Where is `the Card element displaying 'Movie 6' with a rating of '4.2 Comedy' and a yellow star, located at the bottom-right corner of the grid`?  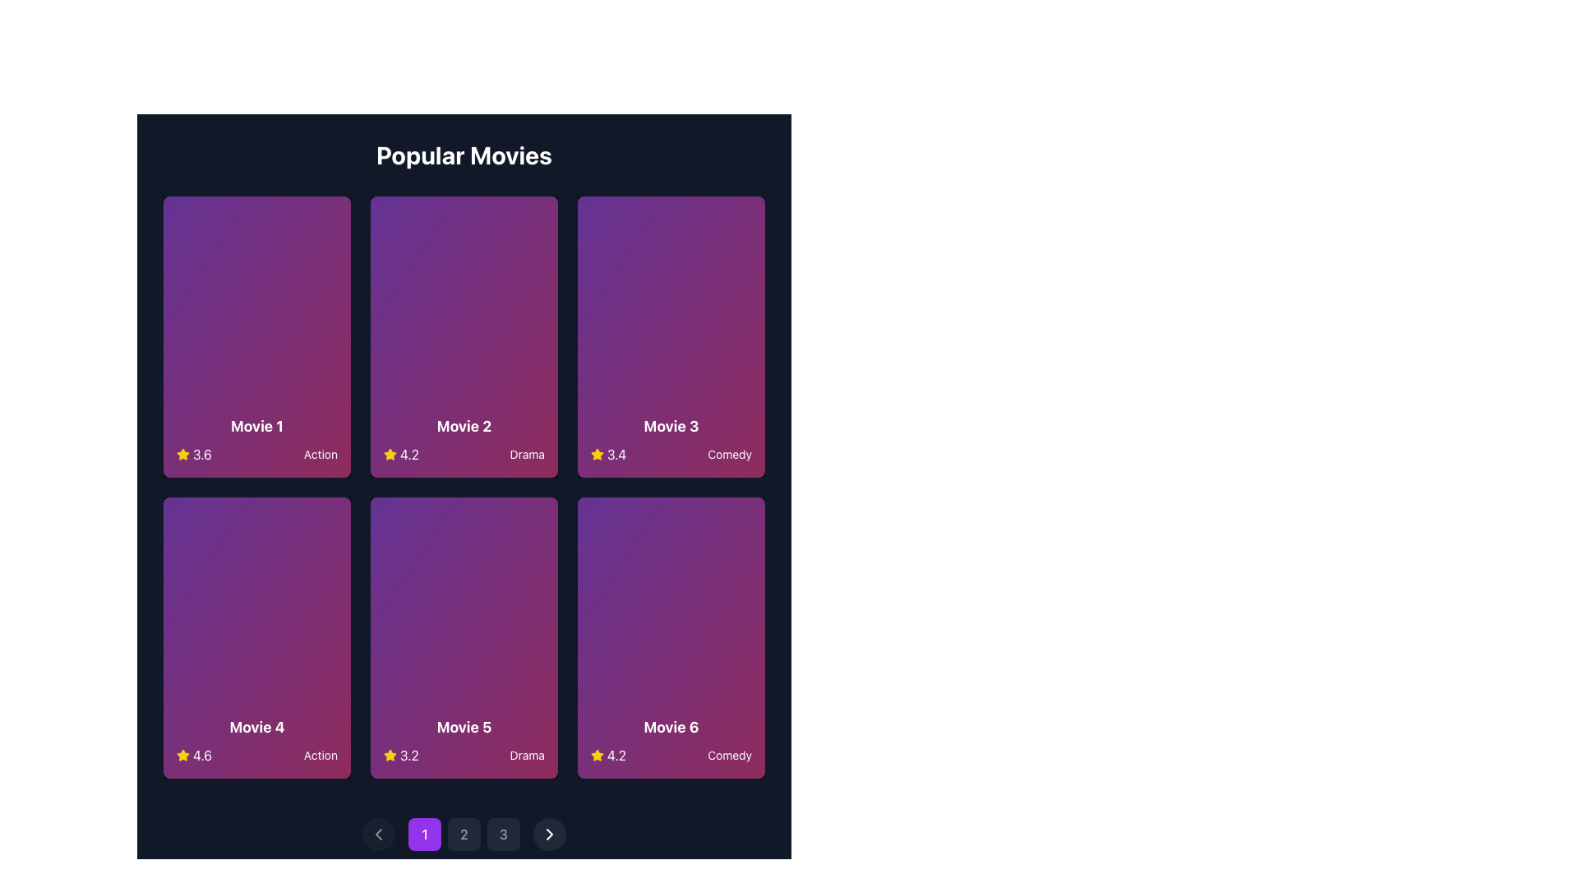 the Card element displaying 'Movie 6' with a rating of '4.2 Comedy' and a yellow star, located at the bottom-right corner of the grid is located at coordinates (671, 636).